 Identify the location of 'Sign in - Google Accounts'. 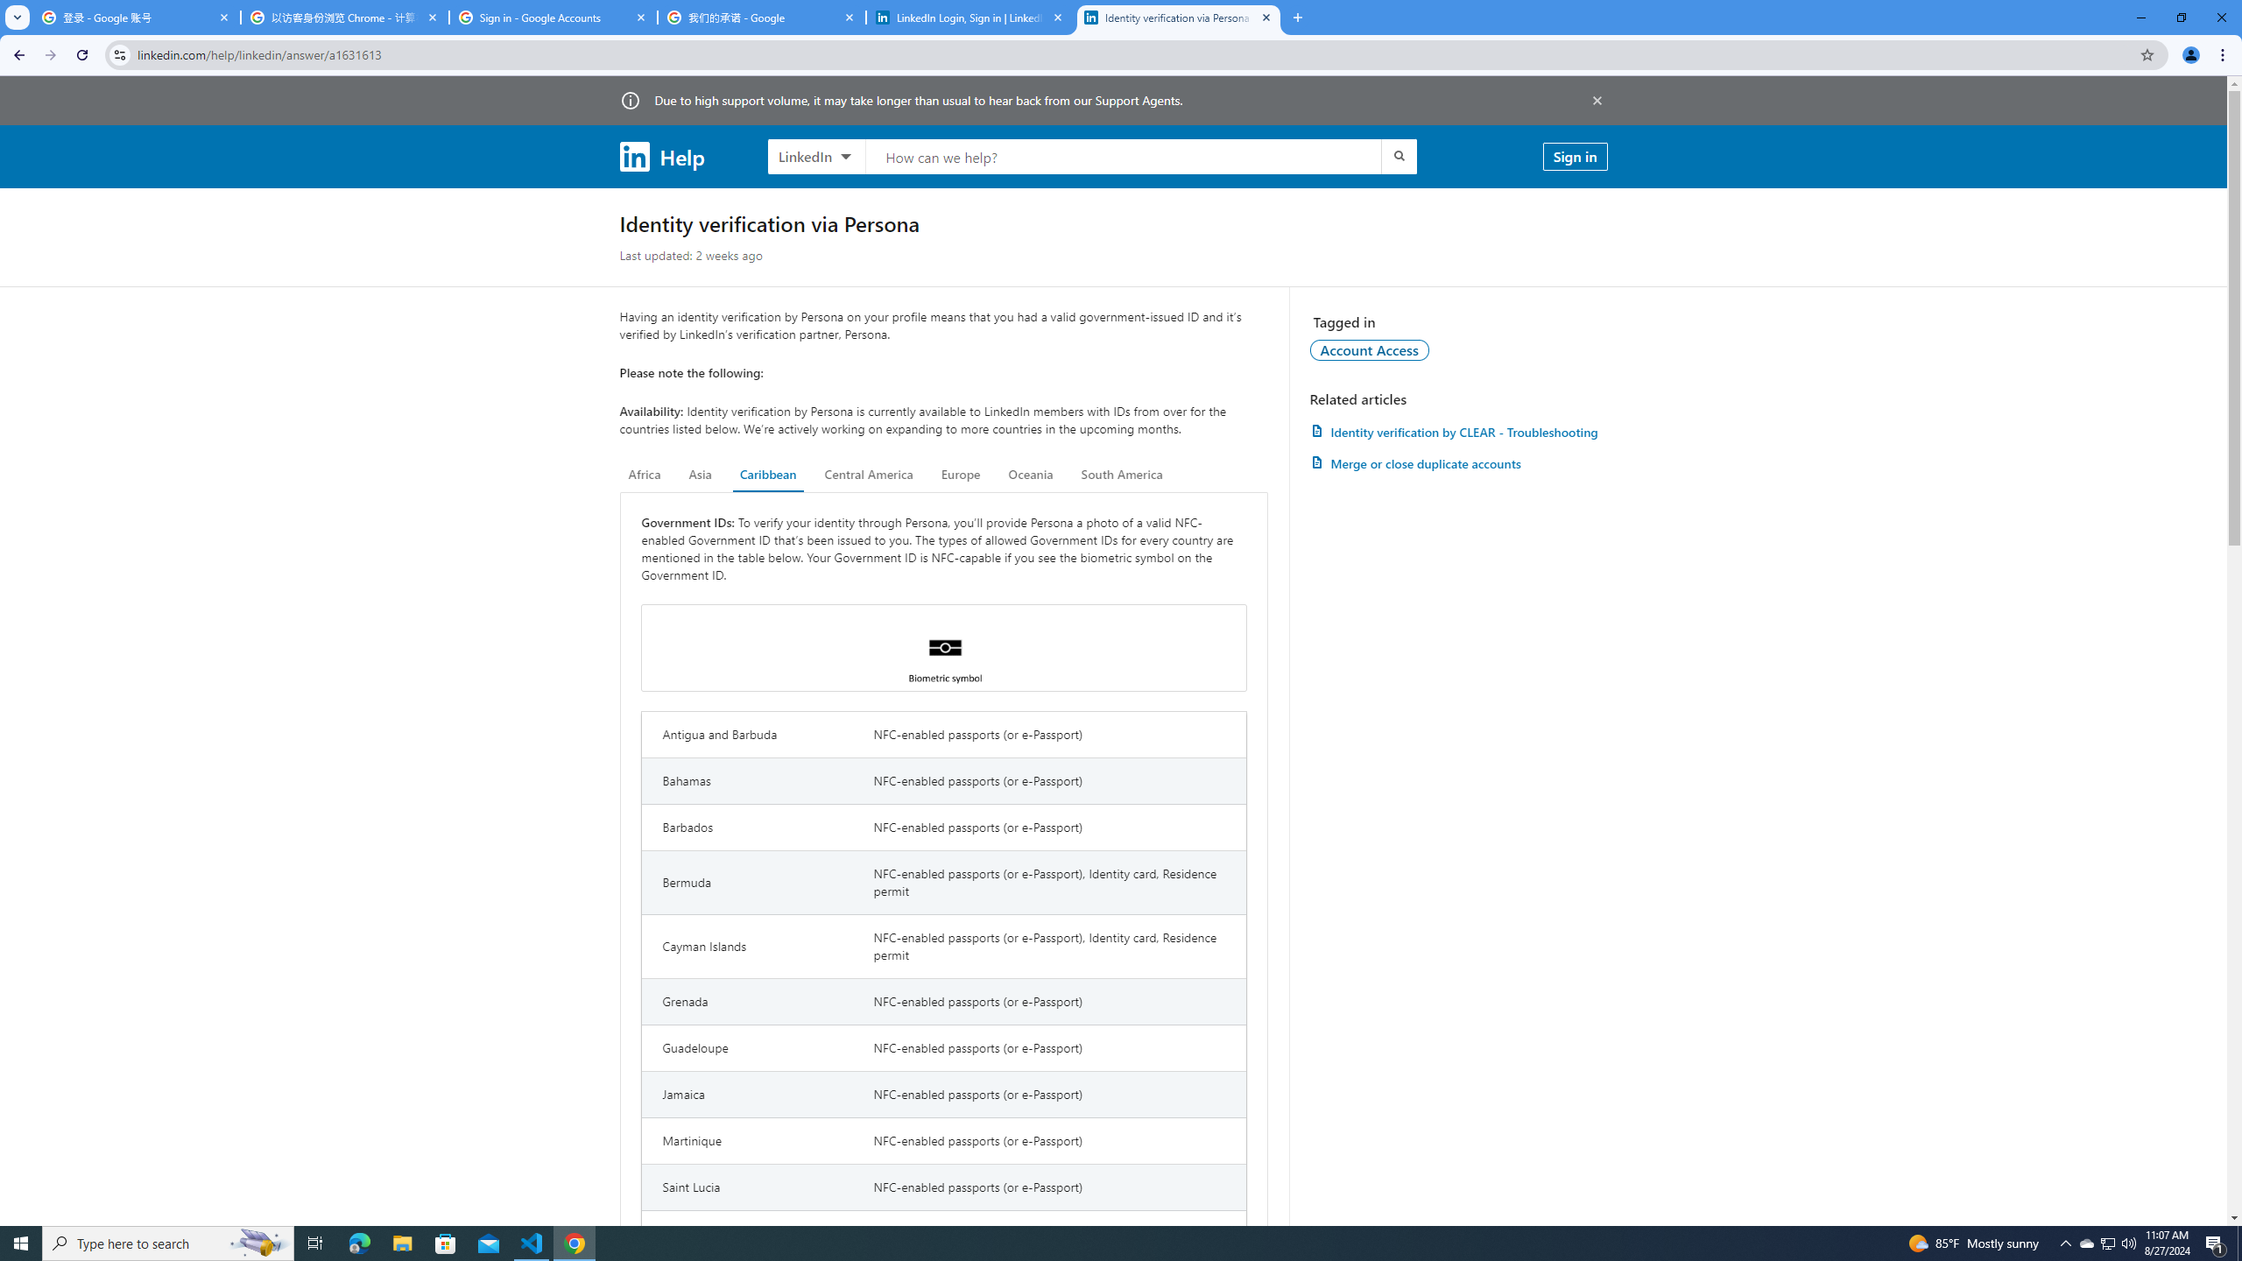
(553, 17).